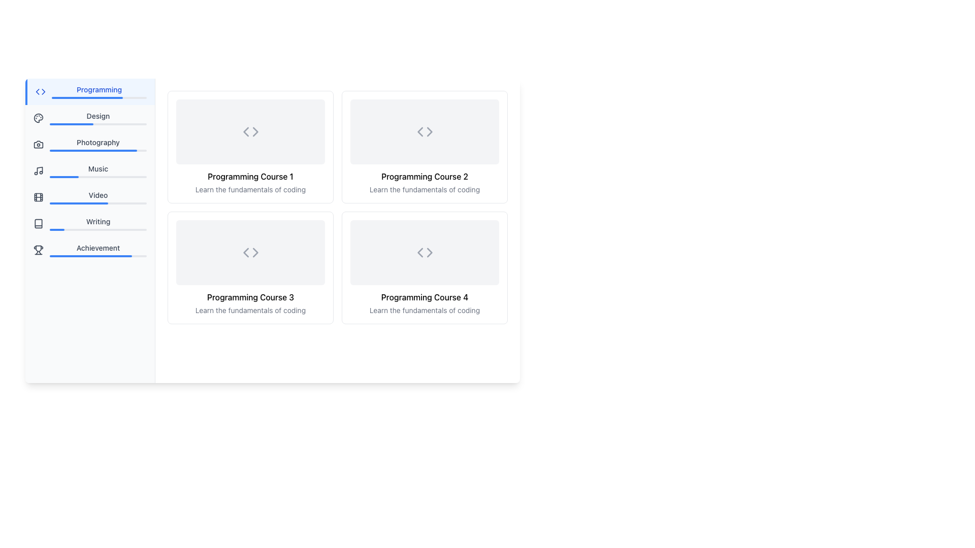  Describe the element at coordinates (425, 297) in the screenshot. I see `the text label displaying 'Programming Course 4' located in the bottom right quadrant of the grid layout` at that location.